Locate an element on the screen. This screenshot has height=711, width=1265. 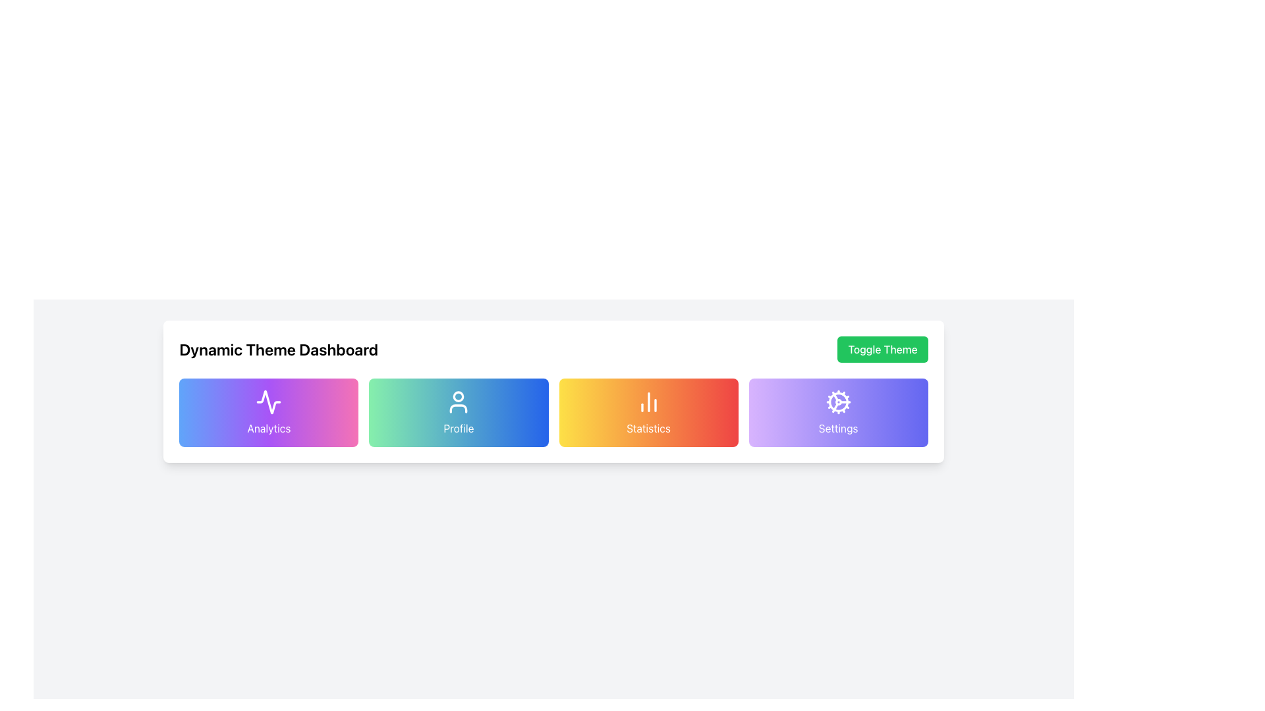
the user icon, which is a white outline of a person within a rounded frame, located at the upper region of the 'Profile' card, centered horizontally above the text 'Profile' is located at coordinates (459, 401).